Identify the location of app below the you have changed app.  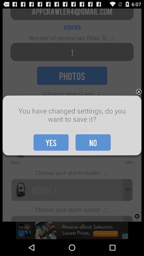
(93, 142).